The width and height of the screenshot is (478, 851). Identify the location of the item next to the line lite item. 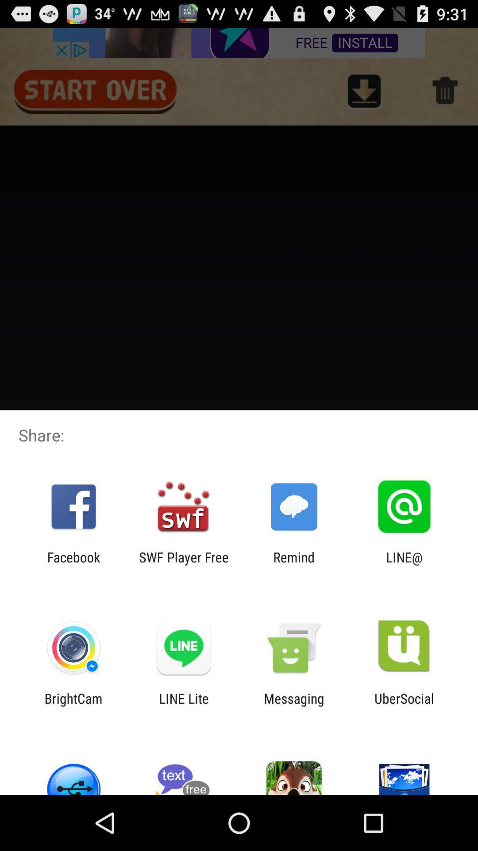
(73, 706).